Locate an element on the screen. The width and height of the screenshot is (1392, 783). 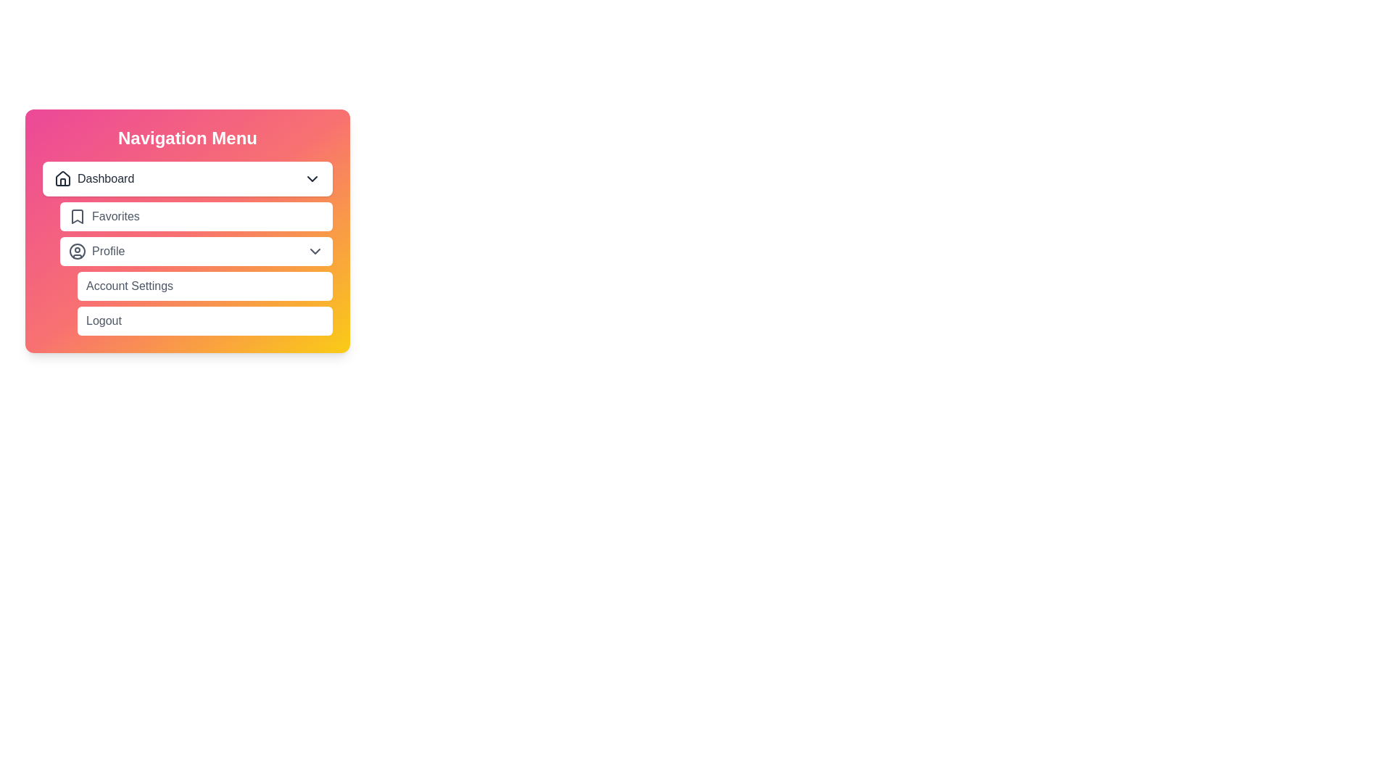
the downward-pointing chevron icon with a thin black stroke located at the far right of the 'Profile' menu item is located at coordinates (315, 251).